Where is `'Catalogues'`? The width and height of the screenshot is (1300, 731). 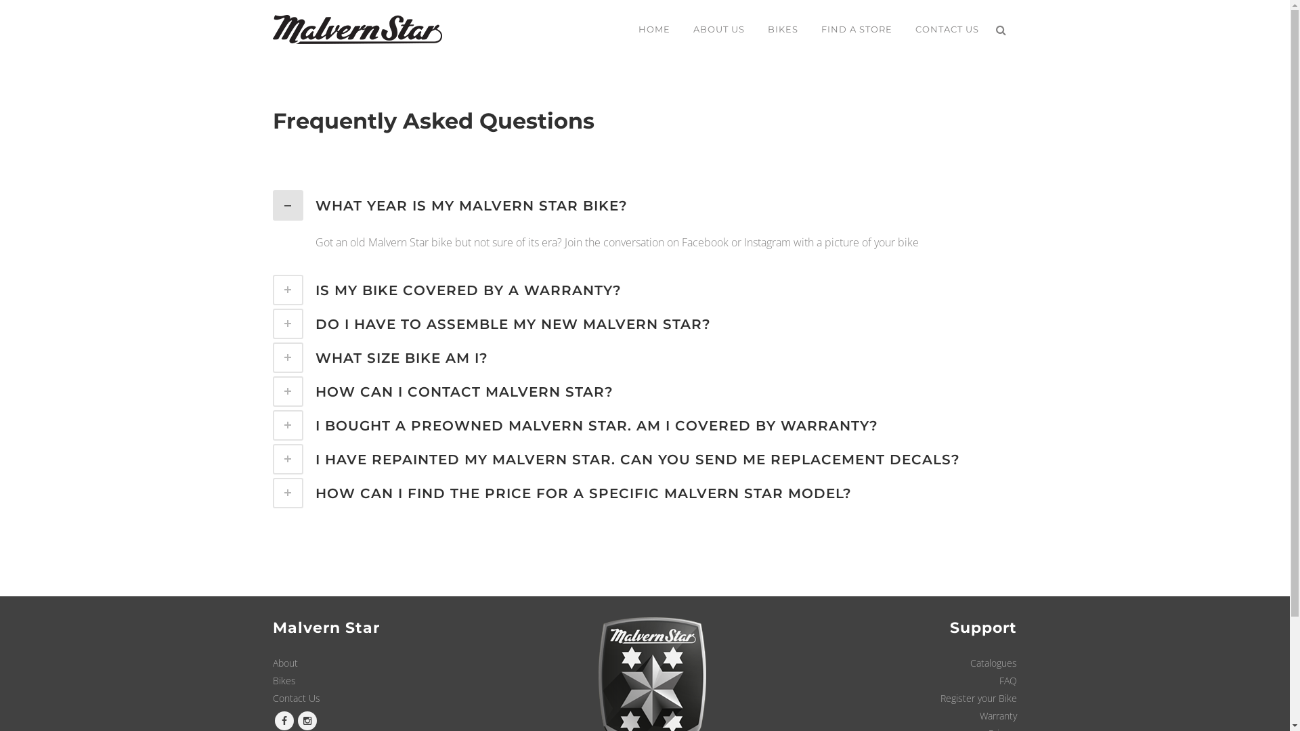
'Catalogues' is located at coordinates (993, 662).